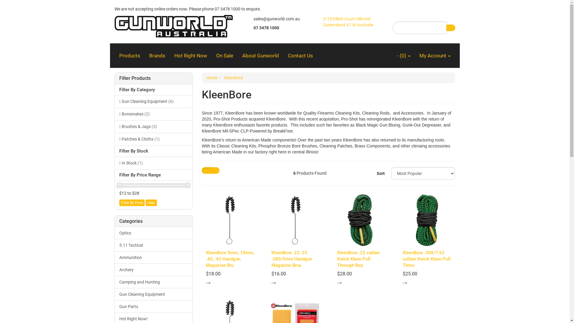 The height and width of the screenshot is (323, 574). I want to click on '5.11 Tactical', so click(154, 245).